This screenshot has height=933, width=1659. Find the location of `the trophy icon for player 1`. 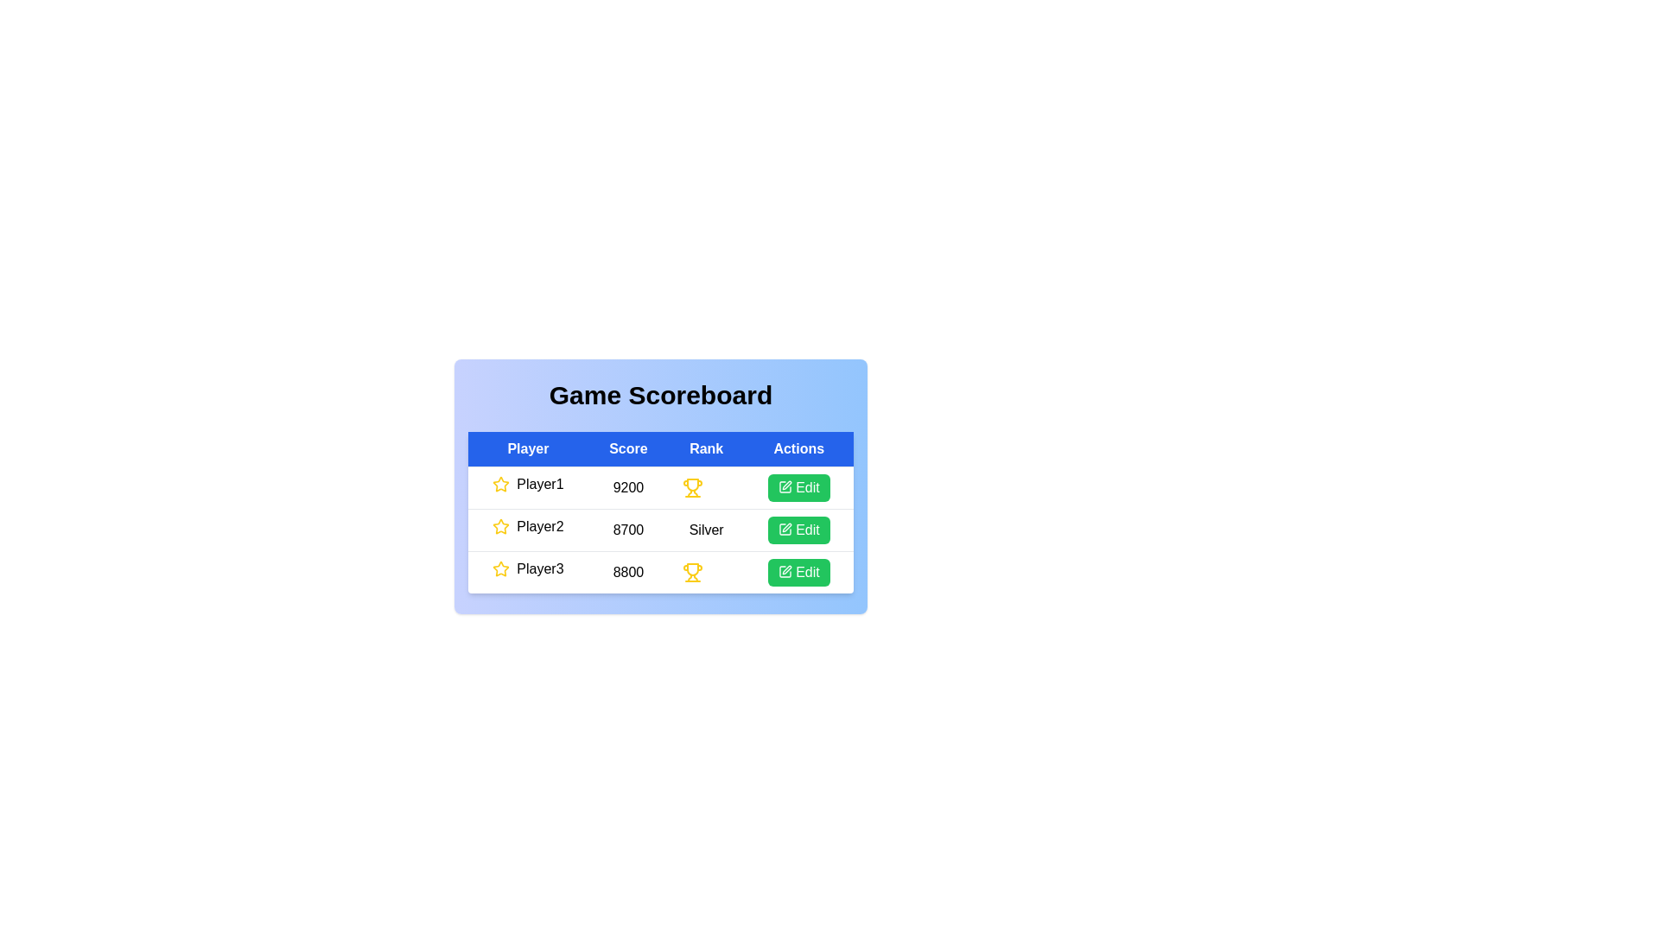

the trophy icon for player 1 is located at coordinates (692, 487).